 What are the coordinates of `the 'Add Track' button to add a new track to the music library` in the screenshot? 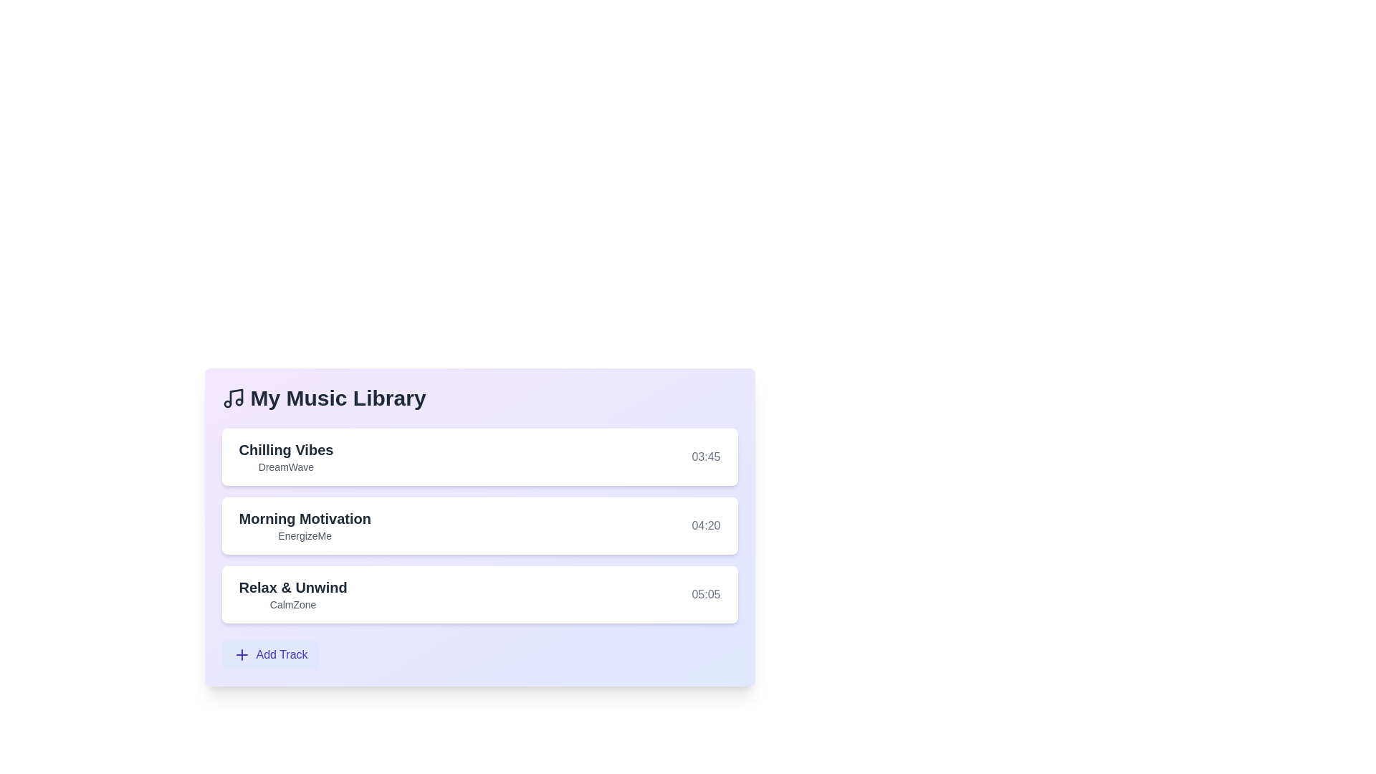 It's located at (270, 655).